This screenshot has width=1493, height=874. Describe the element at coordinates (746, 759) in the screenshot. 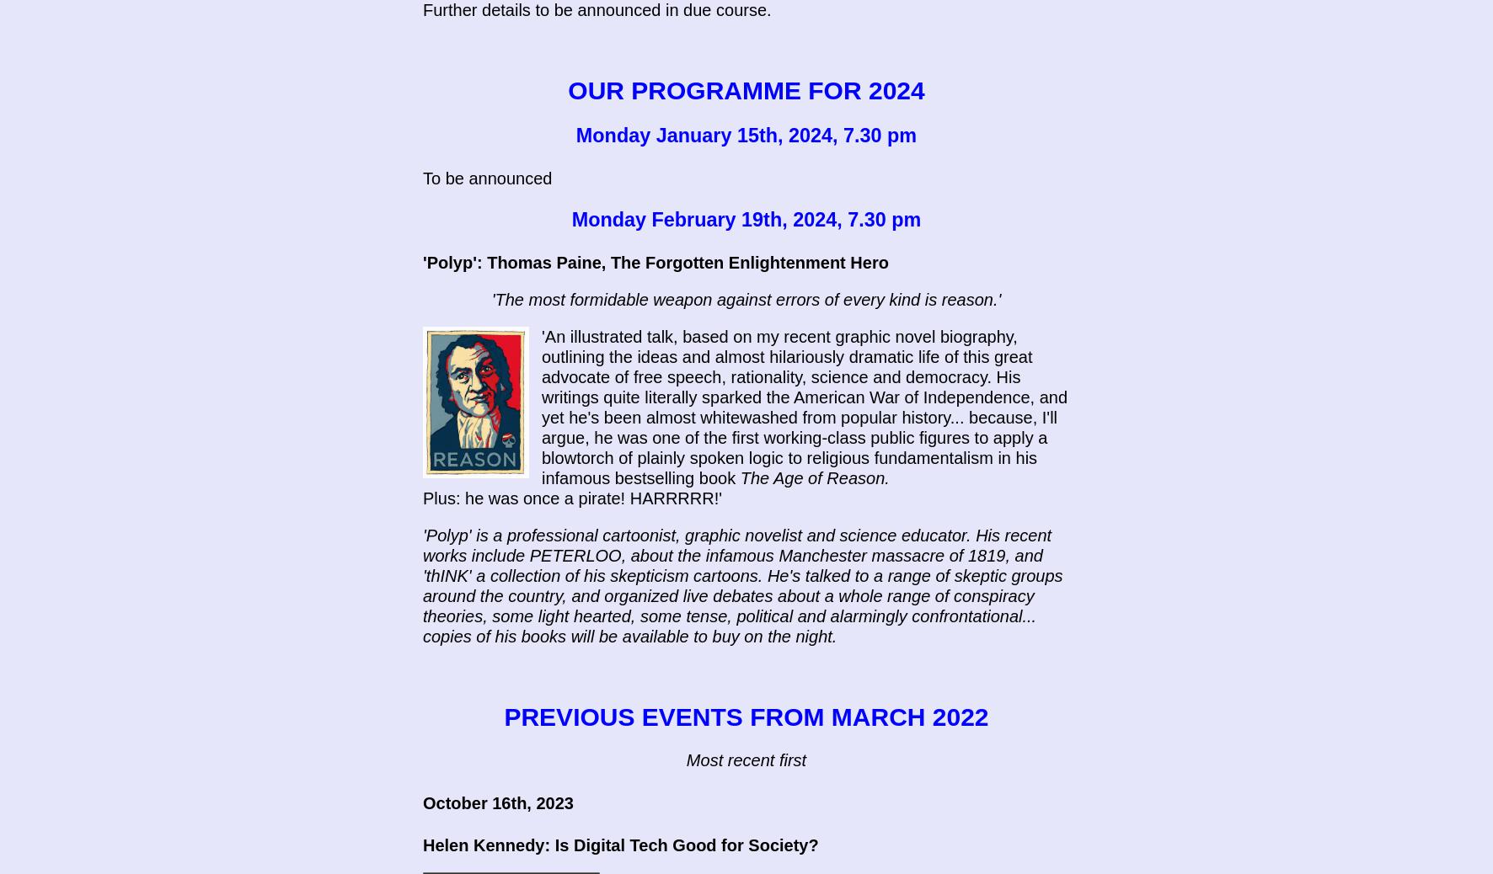

I see `'Most recent first'` at that location.